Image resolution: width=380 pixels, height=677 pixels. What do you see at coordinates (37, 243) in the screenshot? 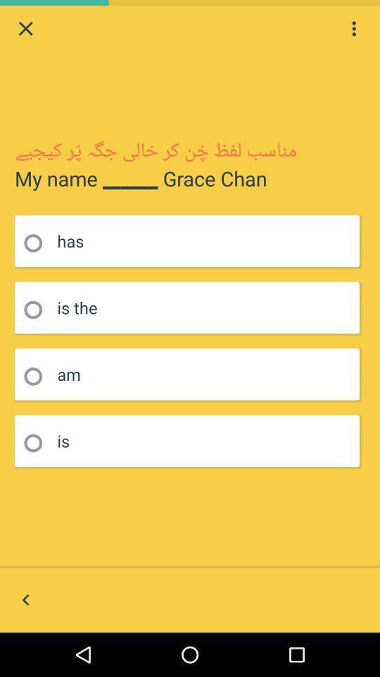
I see `1st radio button` at bounding box center [37, 243].